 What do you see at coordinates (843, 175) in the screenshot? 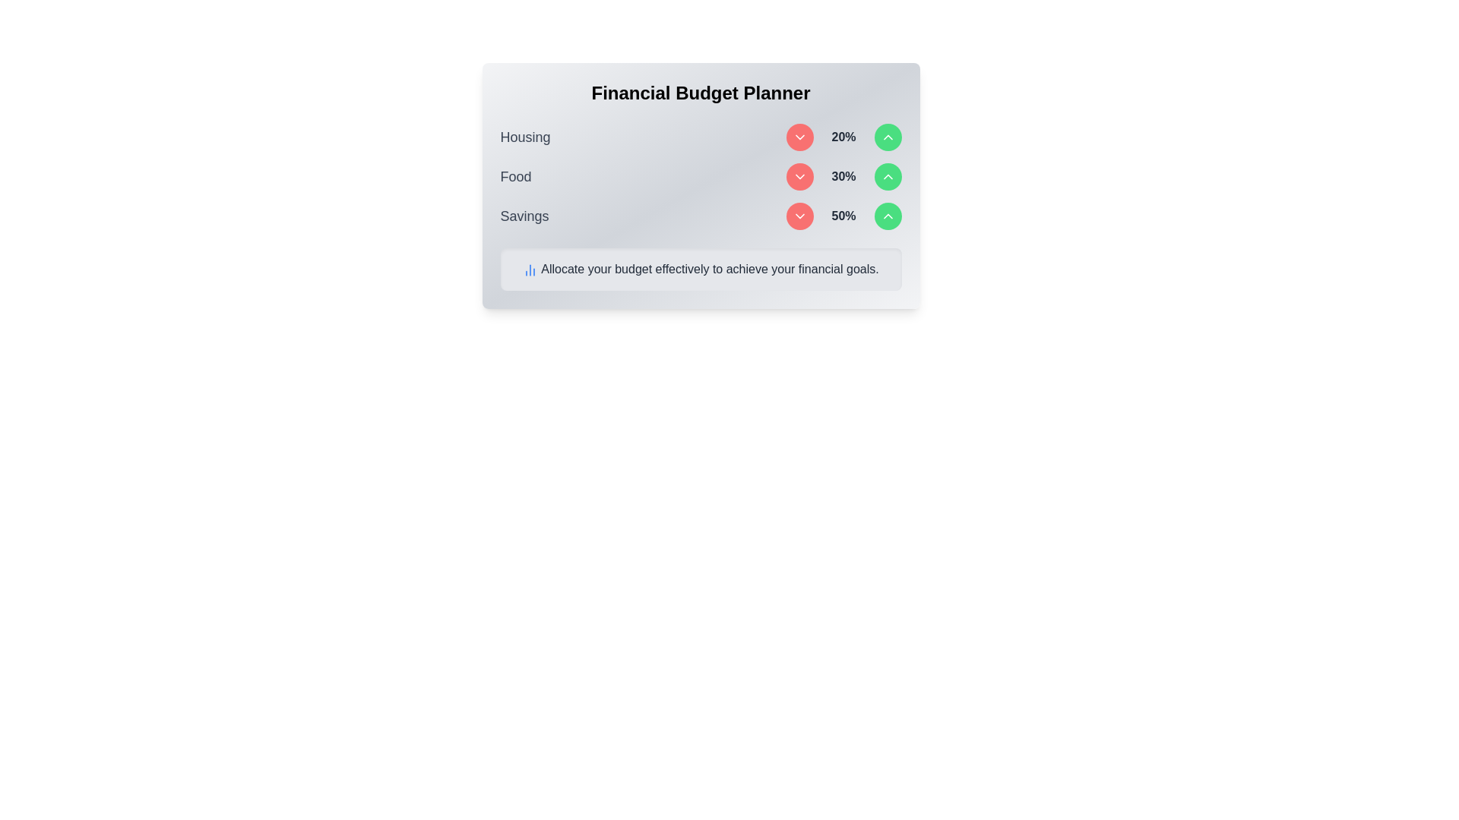
I see `the Text label displaying the numerical percentage for 'Food' within the budget planner, which is located in the second row of the list labeled 'Food' and flanked by two buttons` at bounding box center [843, 175].